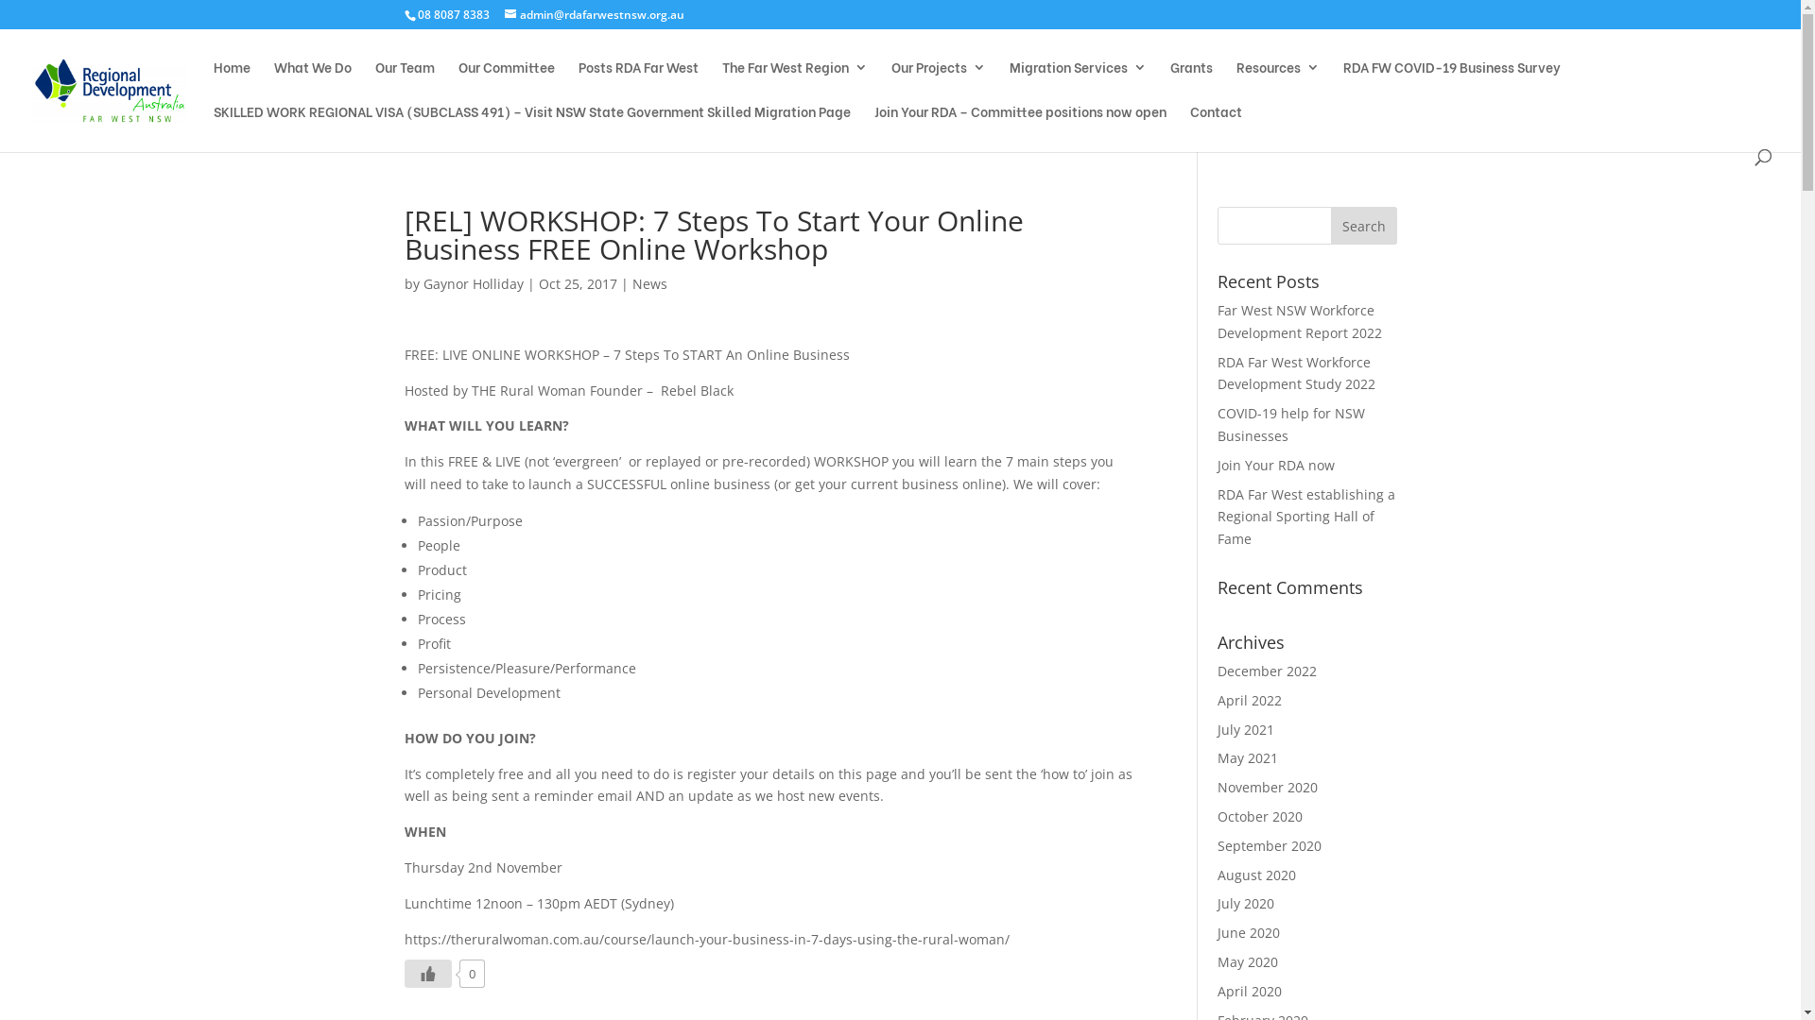 The width and height of the screenshot is (1815, 1020). I want to click on 'The Far West Region', so click(794, 81).